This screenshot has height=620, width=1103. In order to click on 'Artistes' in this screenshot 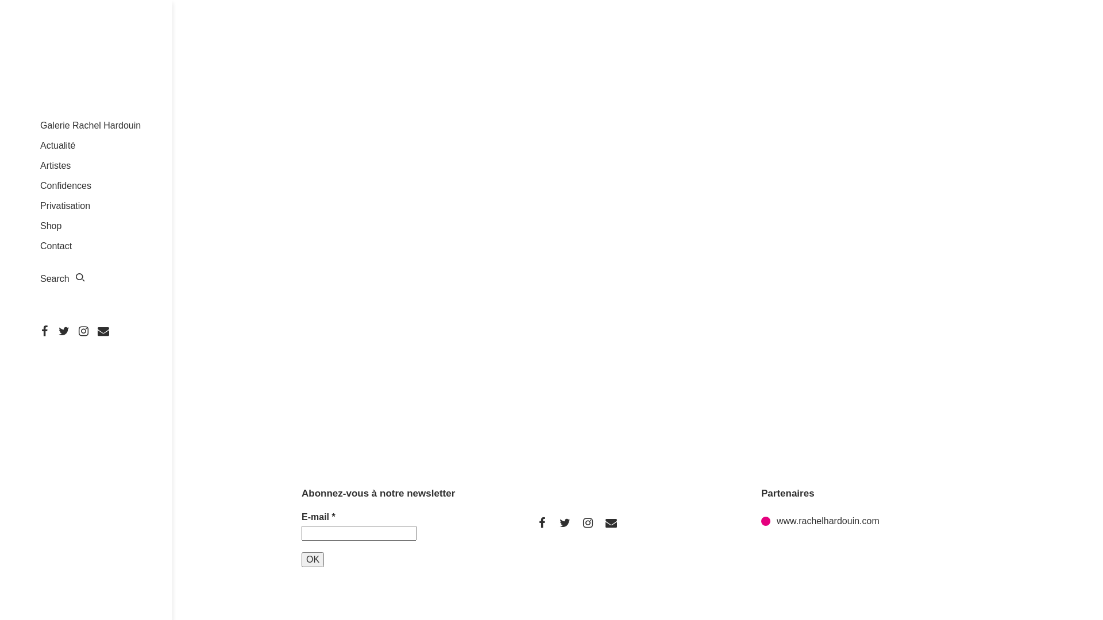, I will do `click(40, 165)`.